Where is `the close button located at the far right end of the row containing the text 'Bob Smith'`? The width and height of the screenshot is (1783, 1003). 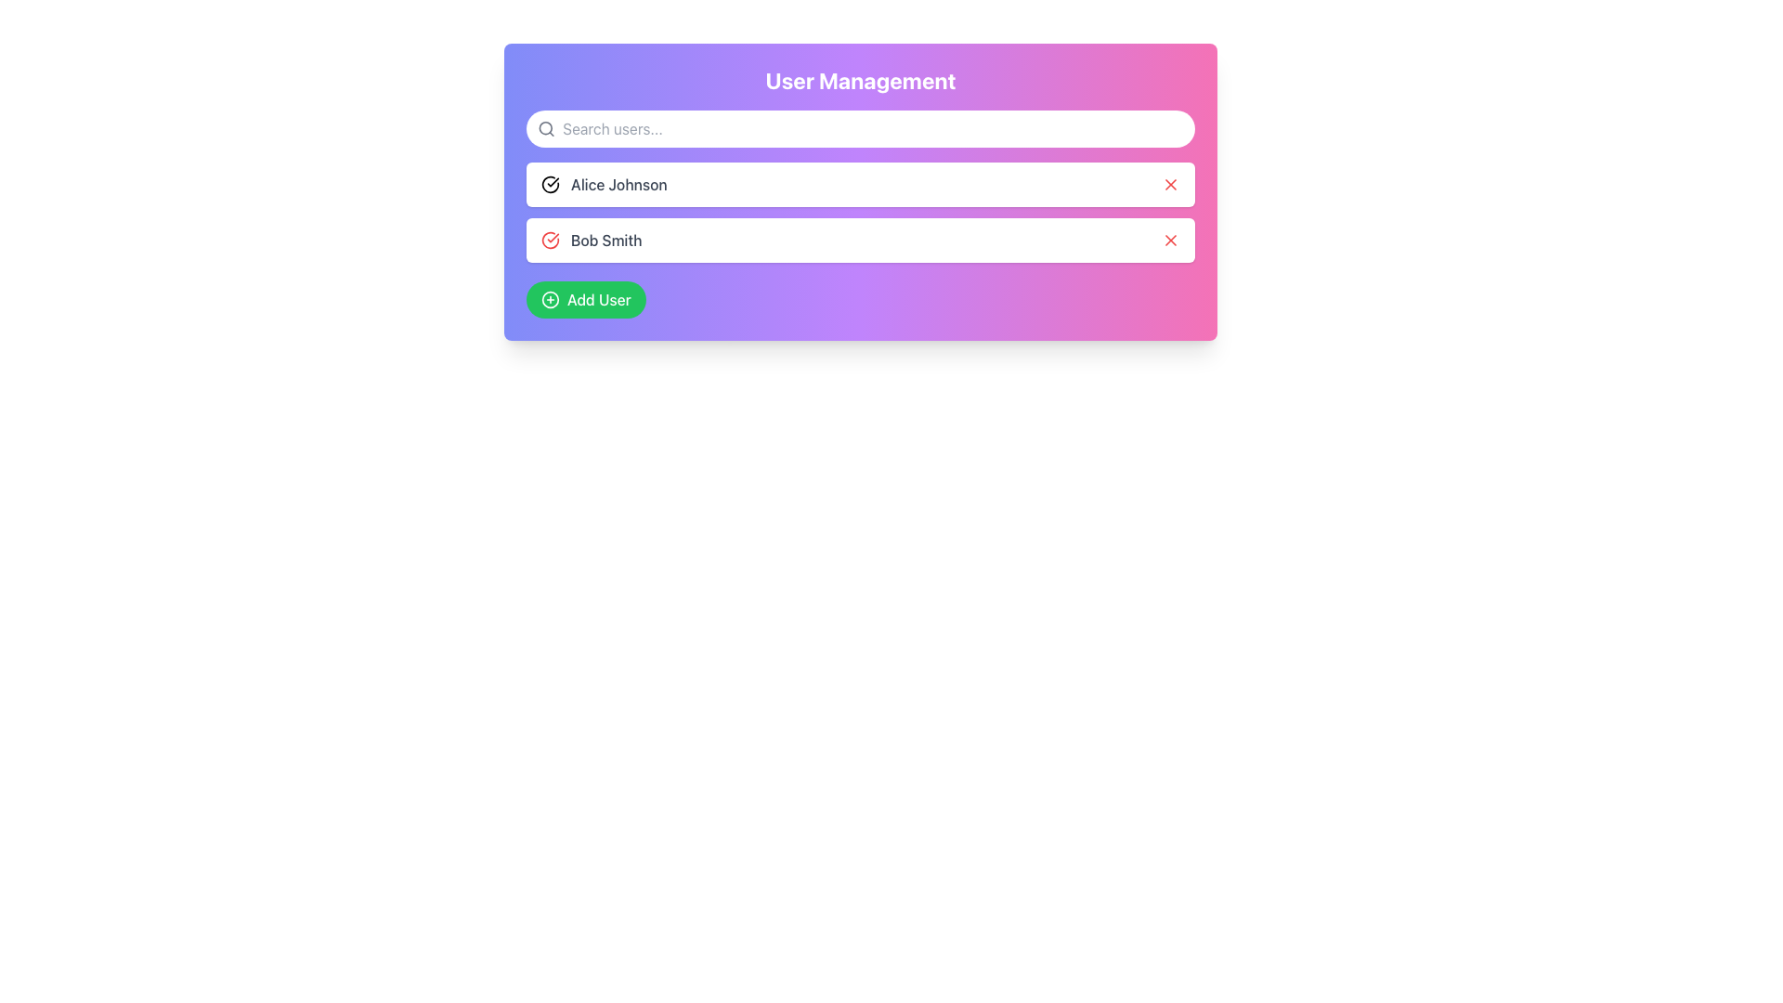
the close button located at the far right end of the row containing the text 'Bob Smith' is located at coordinates (1170, 239).